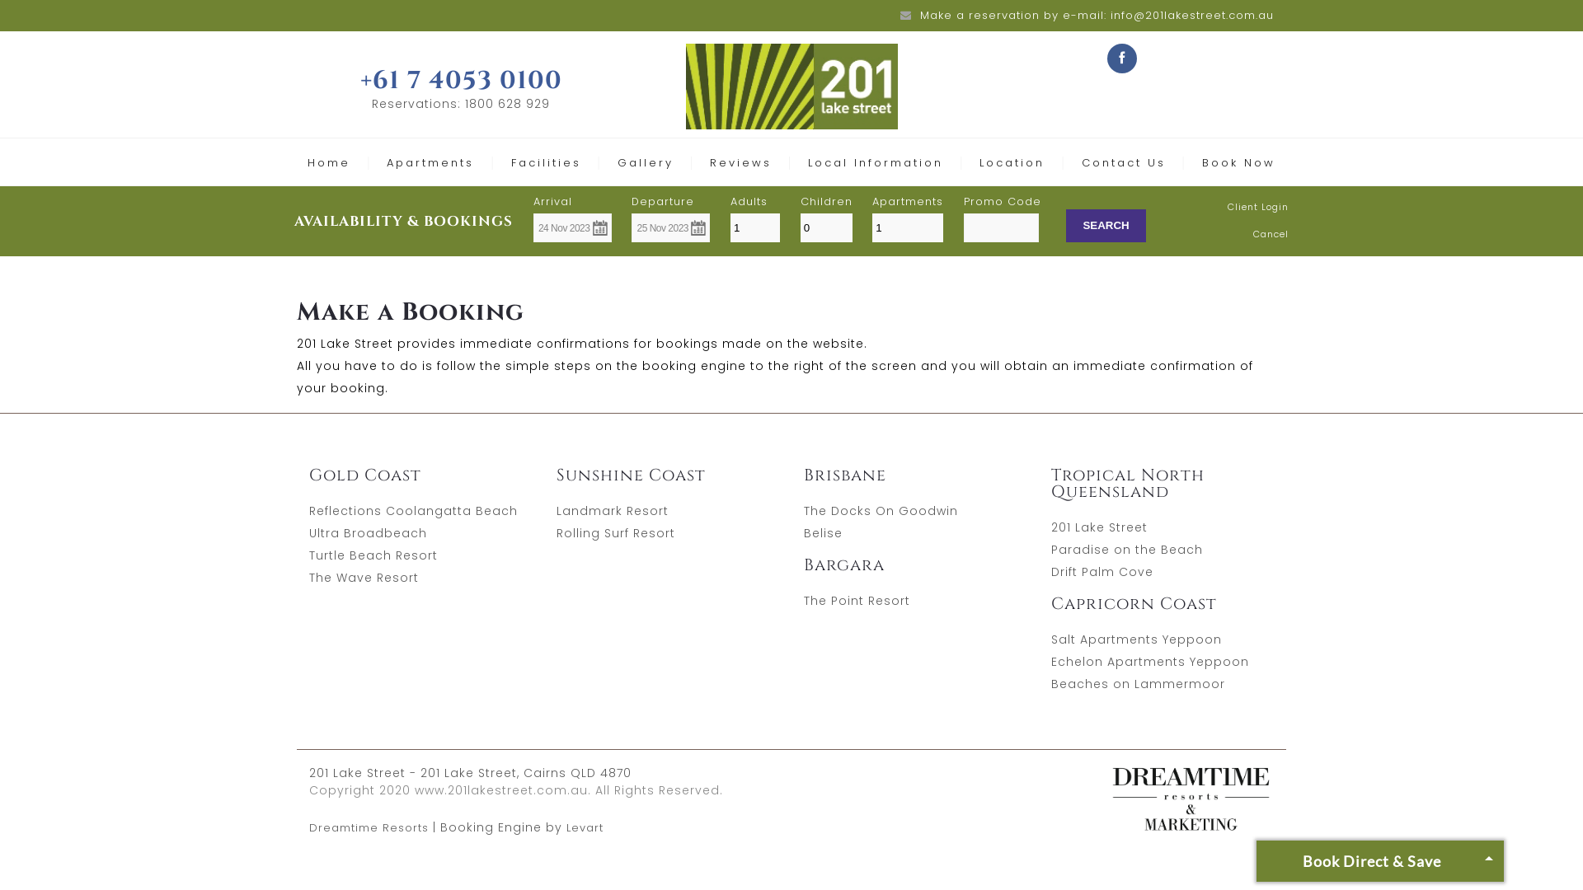  Describe the element at coordinates (1238, 162) in the screenshot. I see `'Book Now'` at that location.